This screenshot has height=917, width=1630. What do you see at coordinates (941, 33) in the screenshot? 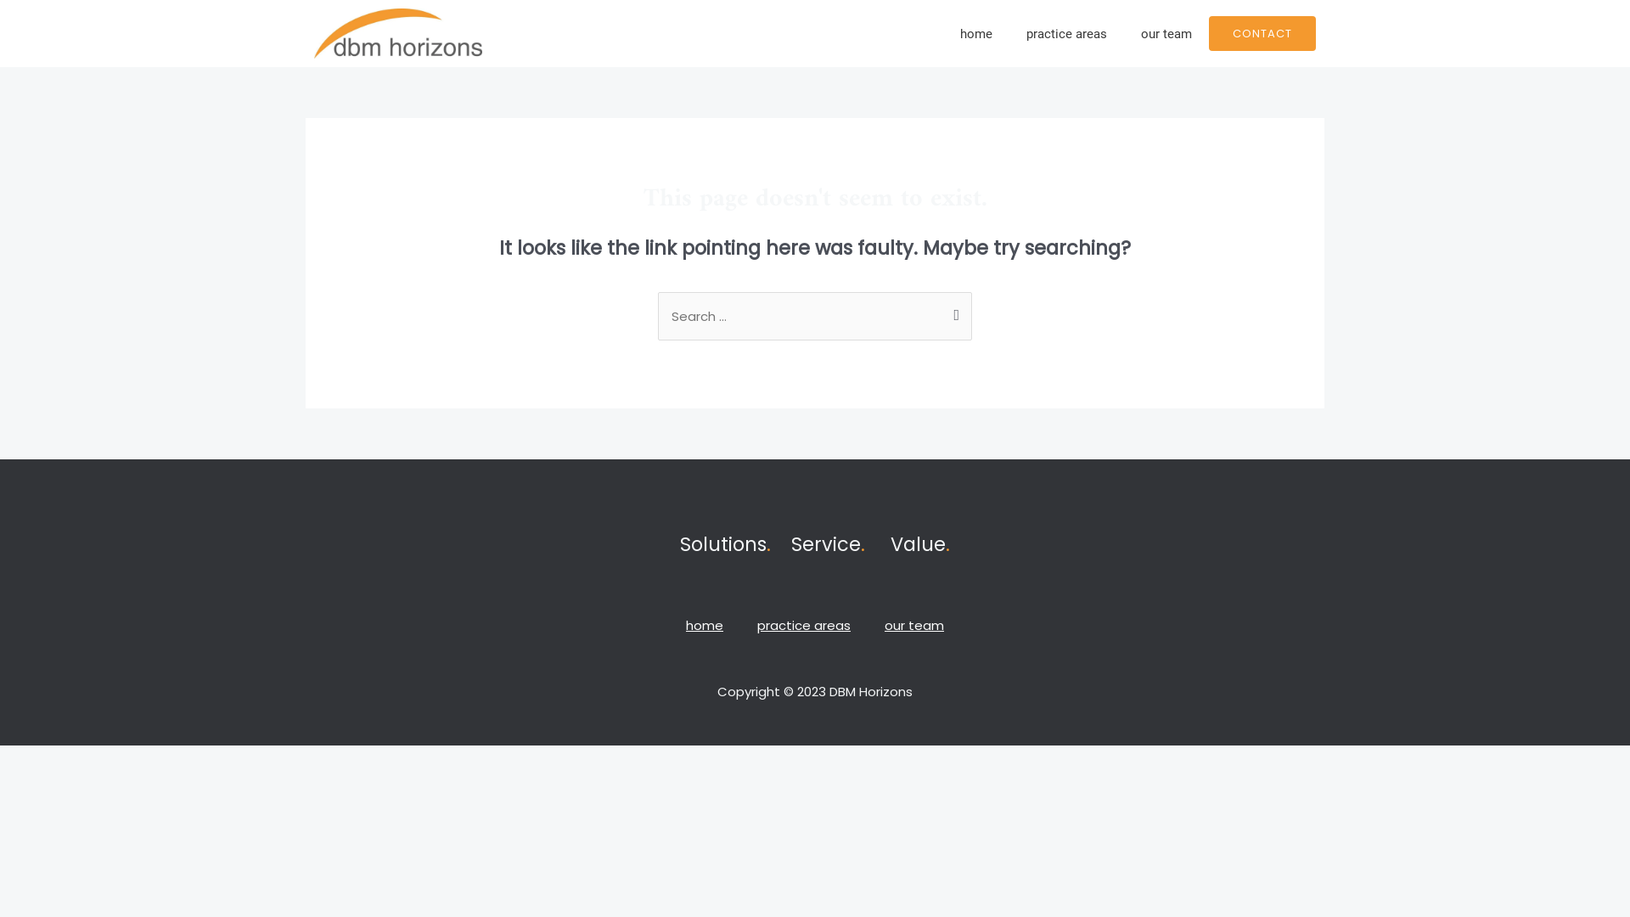
I see `'home'` at bounding box center [941, 33].